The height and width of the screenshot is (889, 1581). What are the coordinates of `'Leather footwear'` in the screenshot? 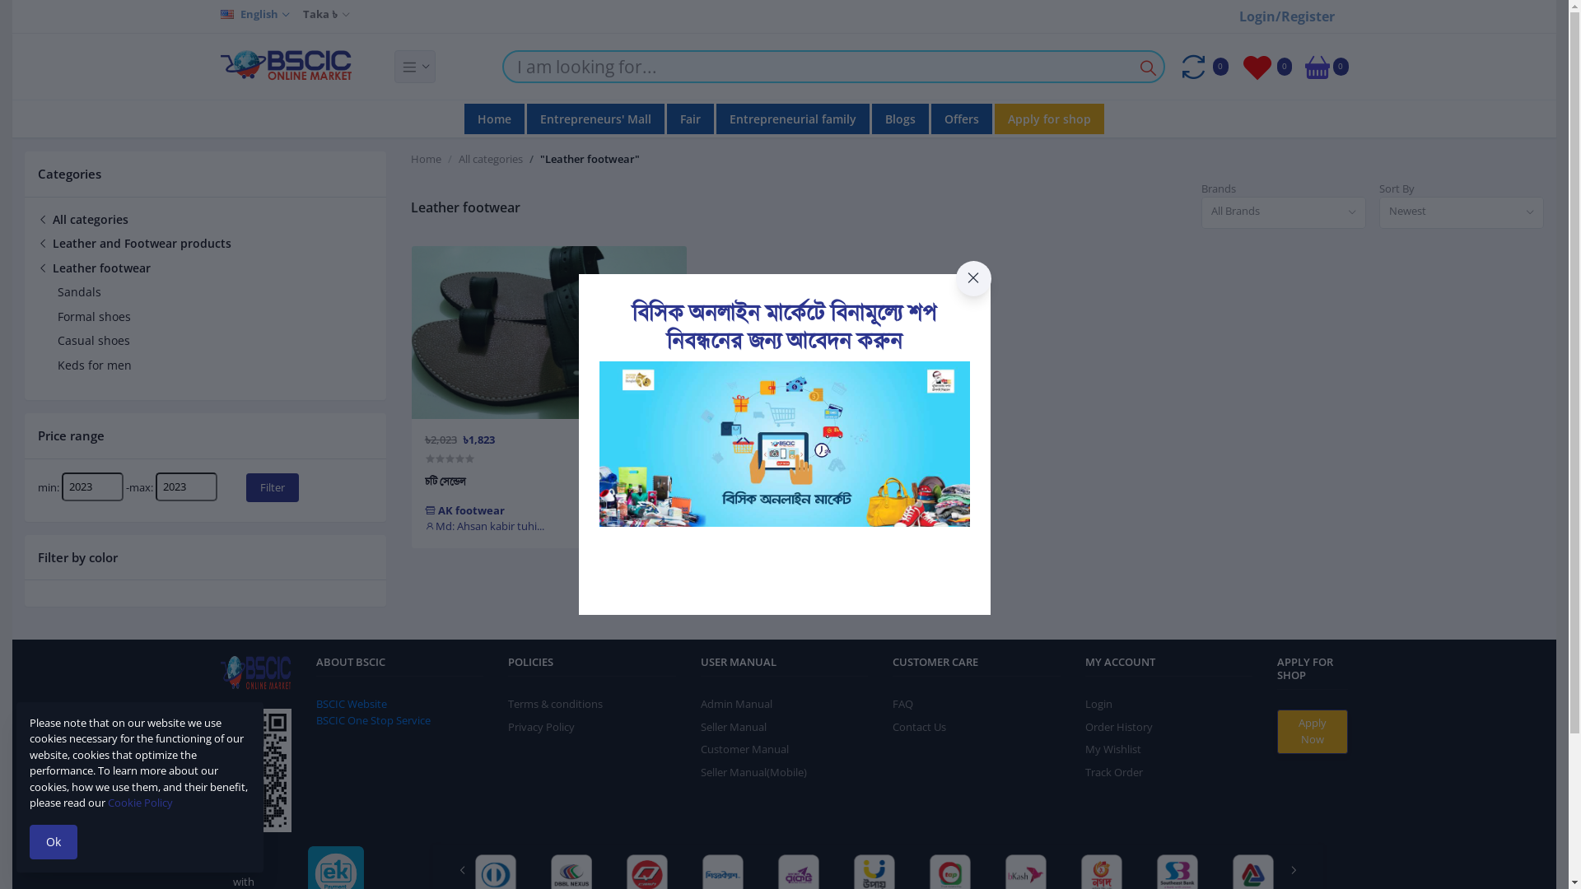 It's located at (93, 267).